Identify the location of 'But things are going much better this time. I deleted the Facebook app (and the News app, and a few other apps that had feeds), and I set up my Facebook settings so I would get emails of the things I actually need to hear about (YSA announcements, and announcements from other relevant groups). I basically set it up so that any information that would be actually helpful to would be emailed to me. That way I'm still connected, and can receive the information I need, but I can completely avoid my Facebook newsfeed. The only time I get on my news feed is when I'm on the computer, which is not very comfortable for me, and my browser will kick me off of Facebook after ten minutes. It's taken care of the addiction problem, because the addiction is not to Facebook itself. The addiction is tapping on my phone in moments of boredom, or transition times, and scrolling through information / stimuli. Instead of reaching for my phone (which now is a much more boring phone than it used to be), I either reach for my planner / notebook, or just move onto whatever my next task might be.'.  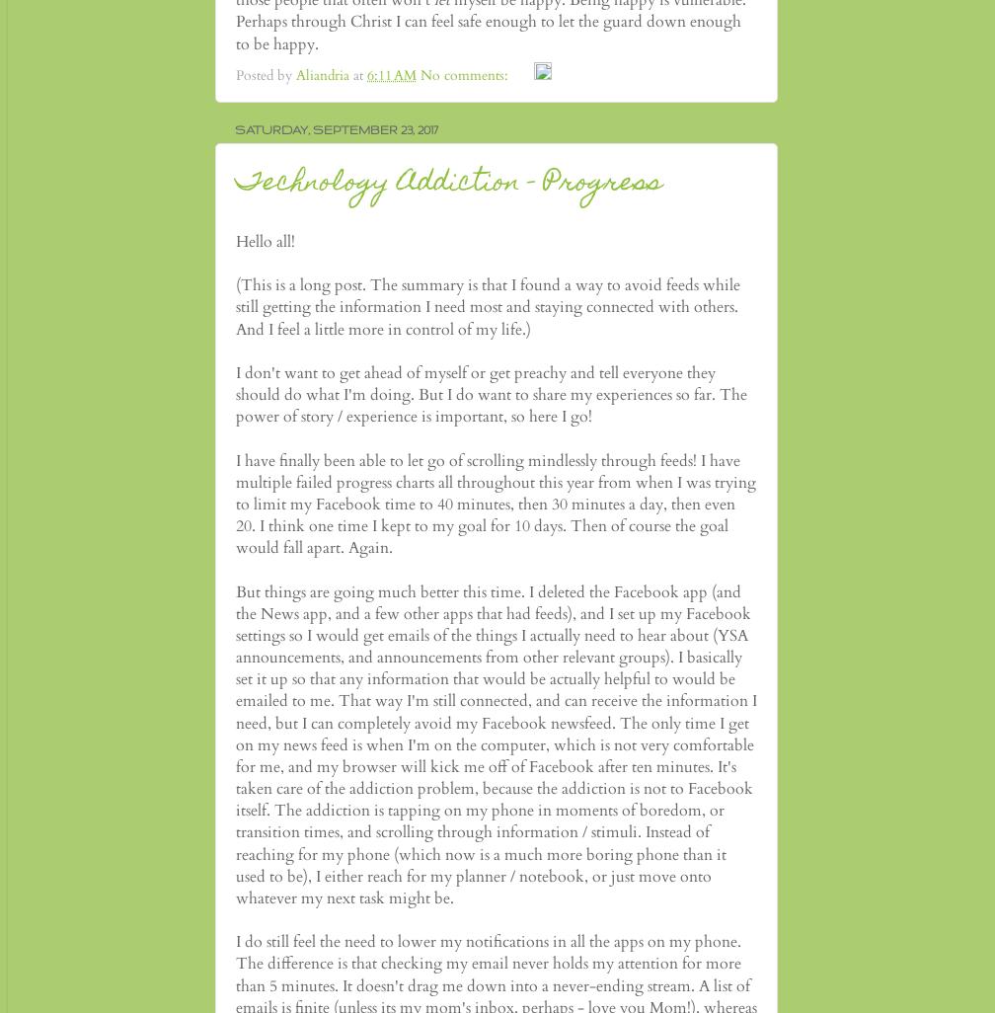
(496, 744).